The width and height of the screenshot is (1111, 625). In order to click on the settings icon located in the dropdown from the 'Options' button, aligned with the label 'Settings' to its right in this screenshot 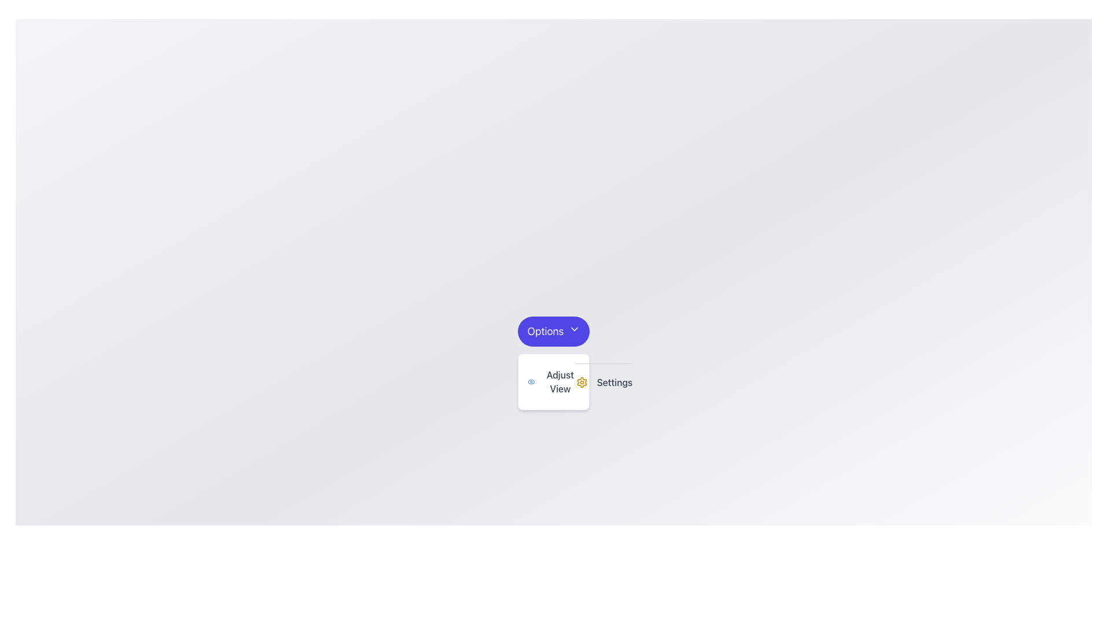, I will do `click(582, 382)`.